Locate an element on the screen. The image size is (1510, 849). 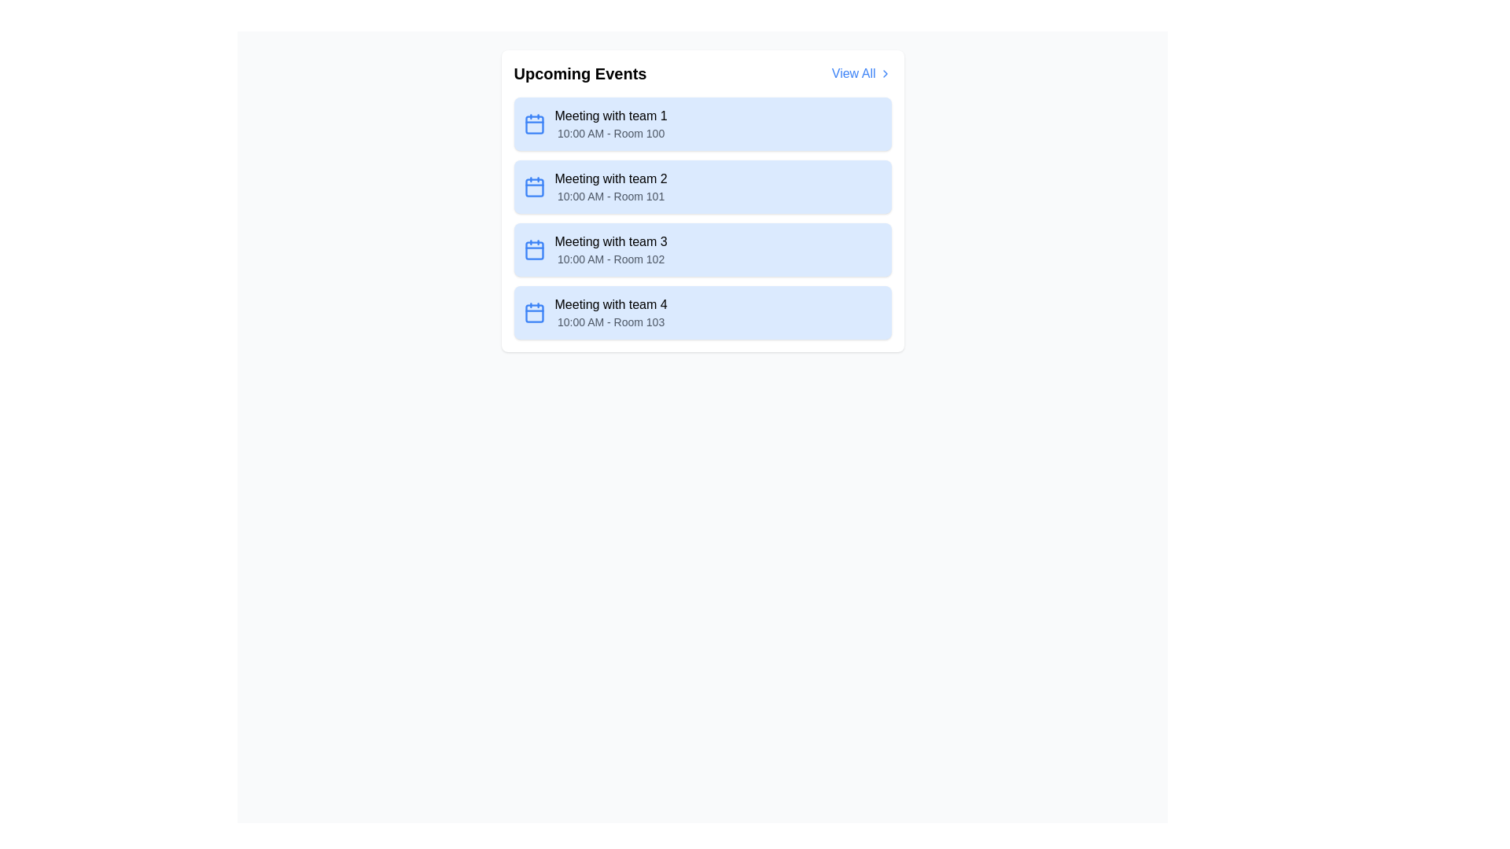
the calendar icon located in the leftmost position of the fourth event card, which indicates the event type or associates the event with a calendar is located at coordinates (534, 312).